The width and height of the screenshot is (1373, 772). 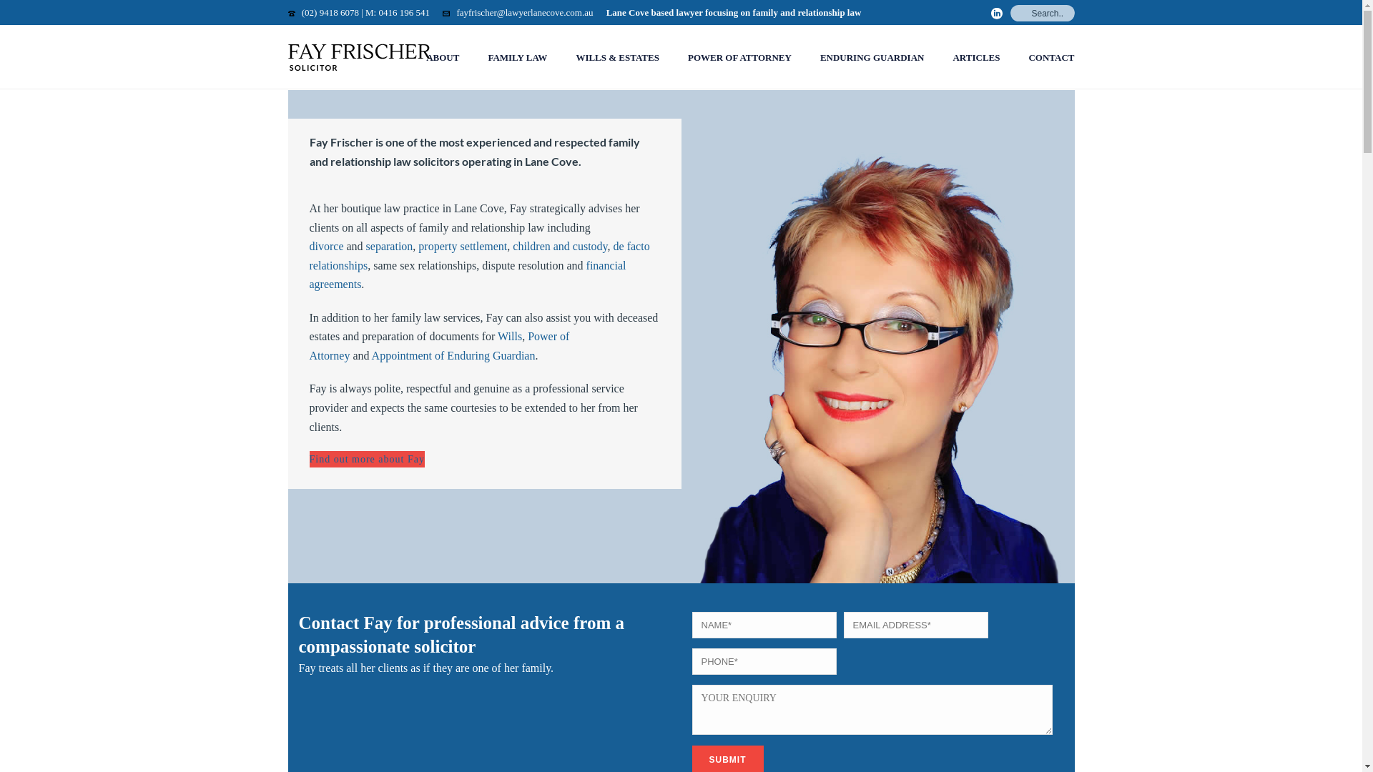 What do you see at coordinates (467, 275) in the screenshot?
I see `' financial agreements'` at bounding box center [467, 275].